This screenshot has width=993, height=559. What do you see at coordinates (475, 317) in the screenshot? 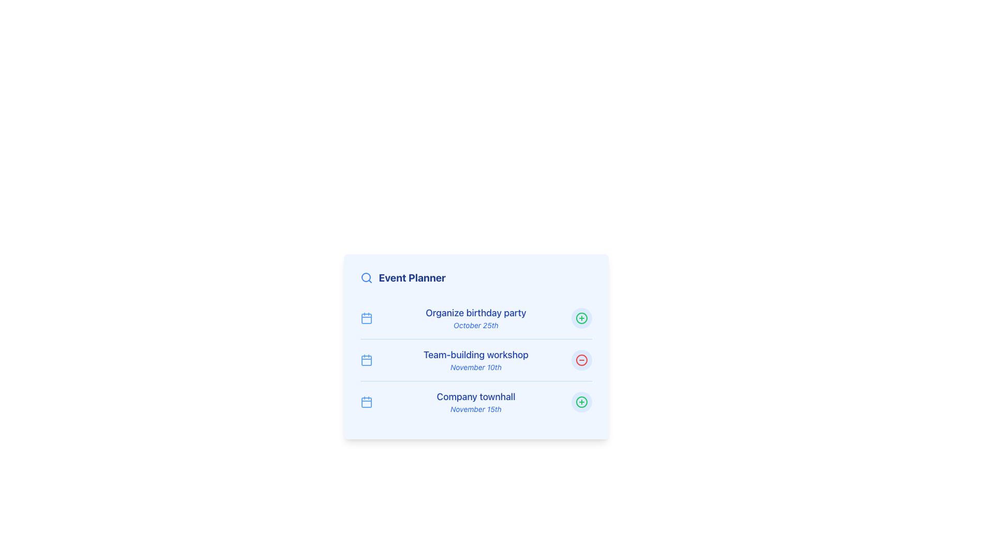
I see `the first Interactive List Item in the event planner` at bounding box center [475, 317].